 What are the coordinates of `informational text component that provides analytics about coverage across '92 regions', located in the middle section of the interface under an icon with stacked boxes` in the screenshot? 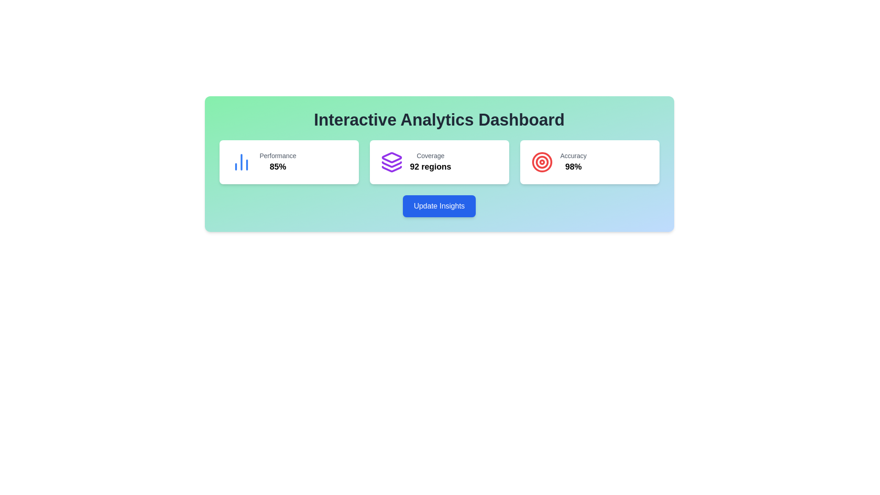 It's located at (430, 162).